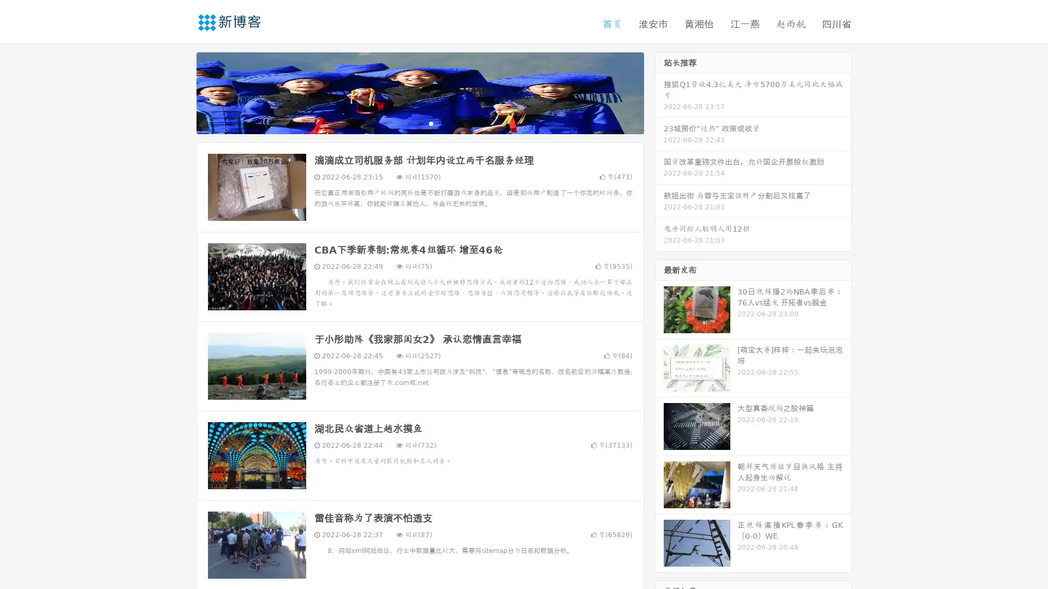 The image size is (1048, 589). What do you see at coordinates (180, 92) in the screenshot?
I see `Previous slide` at bounding box center [180, 92].